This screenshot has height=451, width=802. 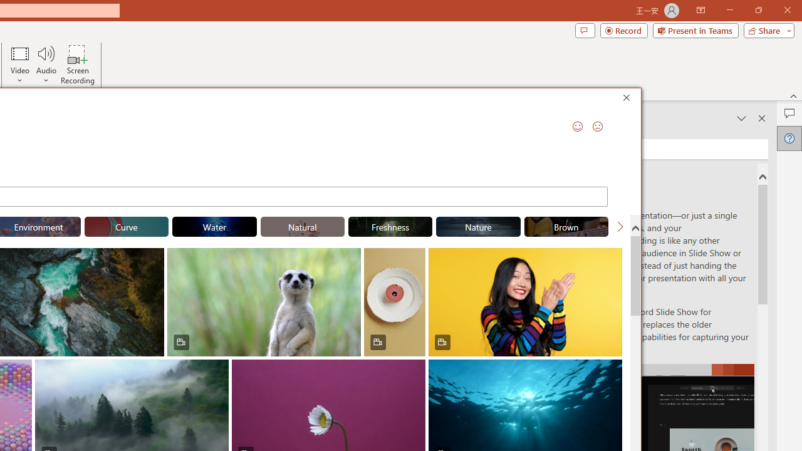 What do you see at coordinates (77, 65) in the screenshot?
I see `'Screen Recording...'` at bounding box center [77, 65].